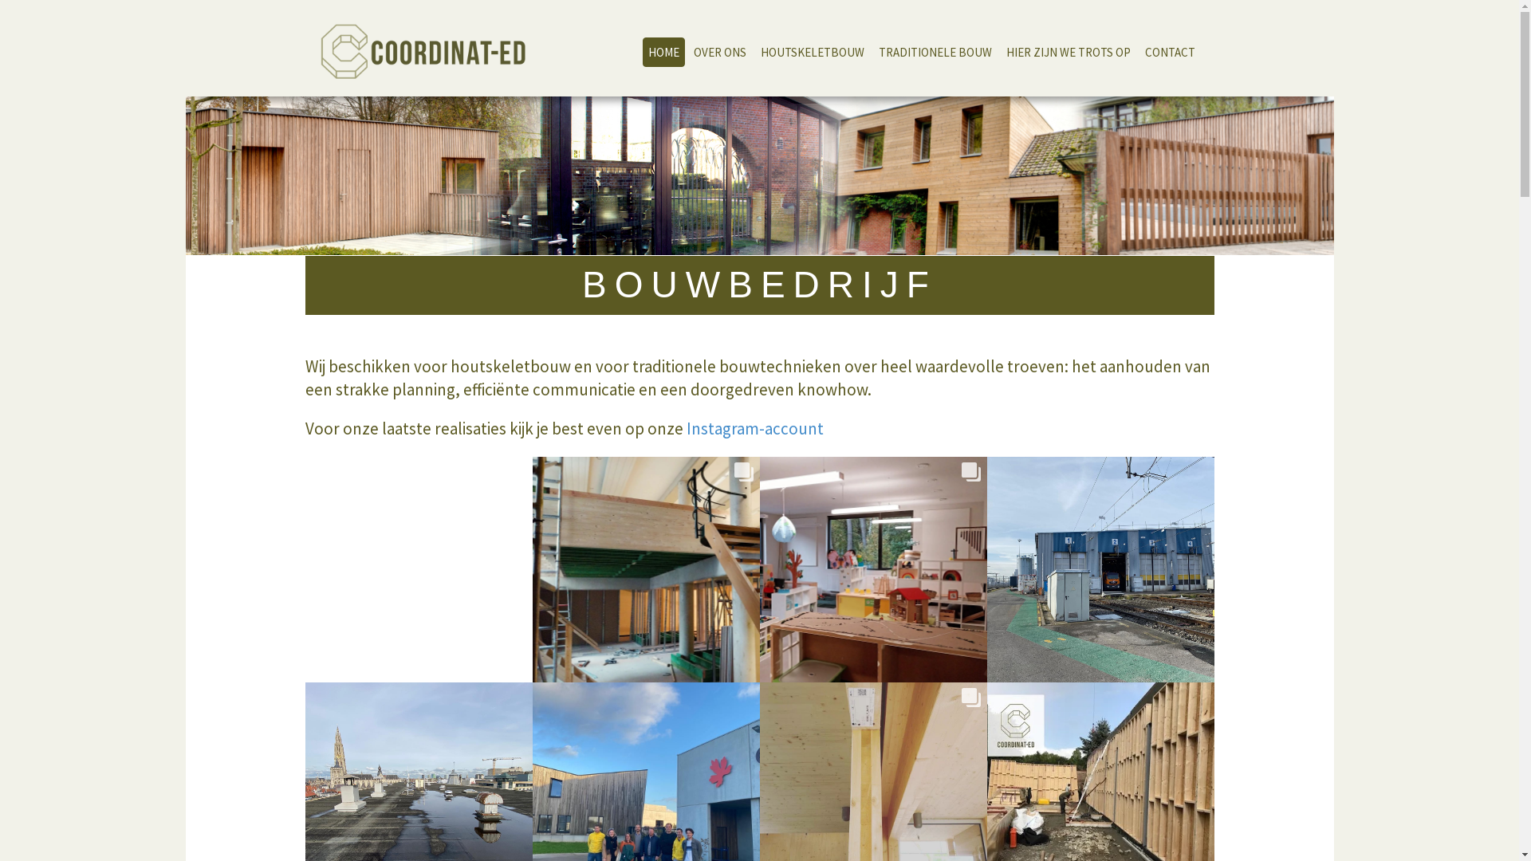 The height and width of the screenshot is (861, 1531). I want to click on 'HOUTSKELETBOUW', so click(811, 51).